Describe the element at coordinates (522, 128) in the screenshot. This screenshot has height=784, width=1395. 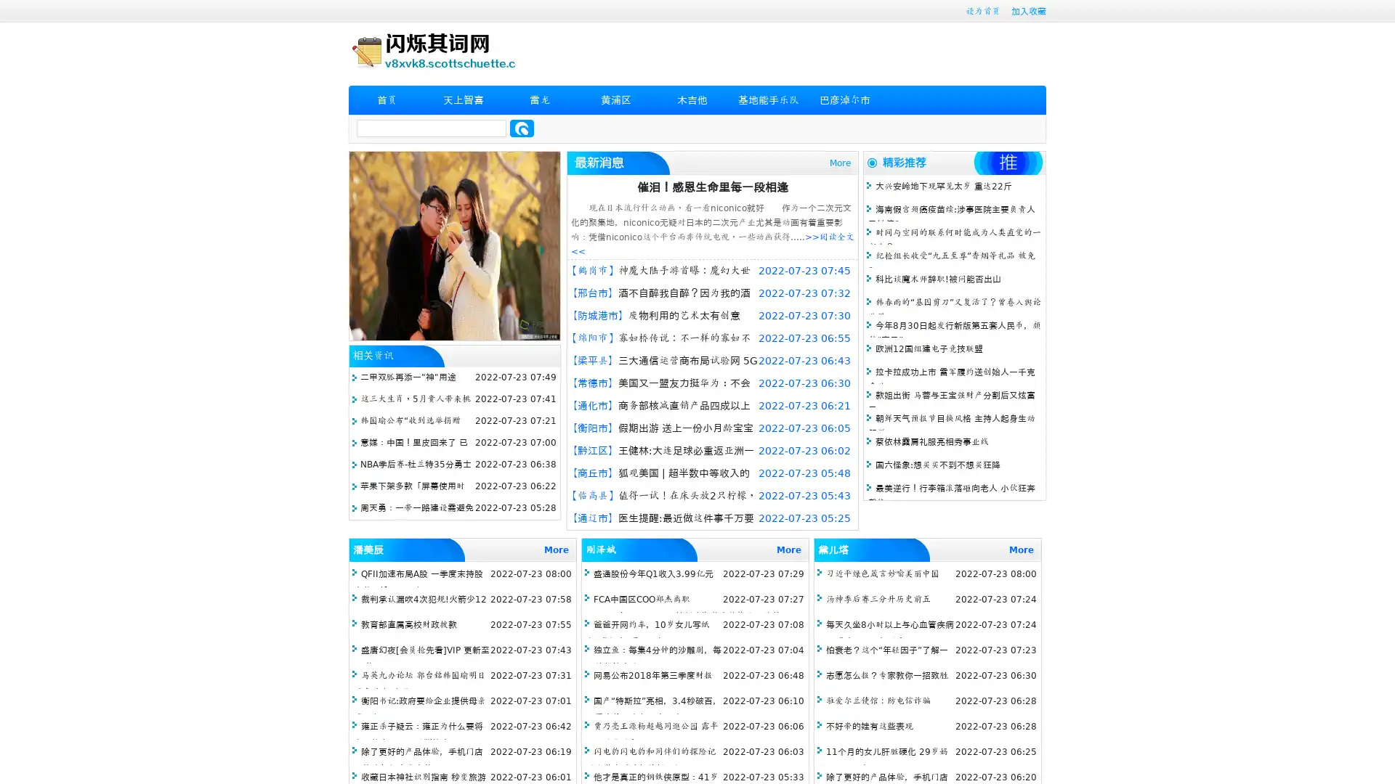
I see `Search` at that location.